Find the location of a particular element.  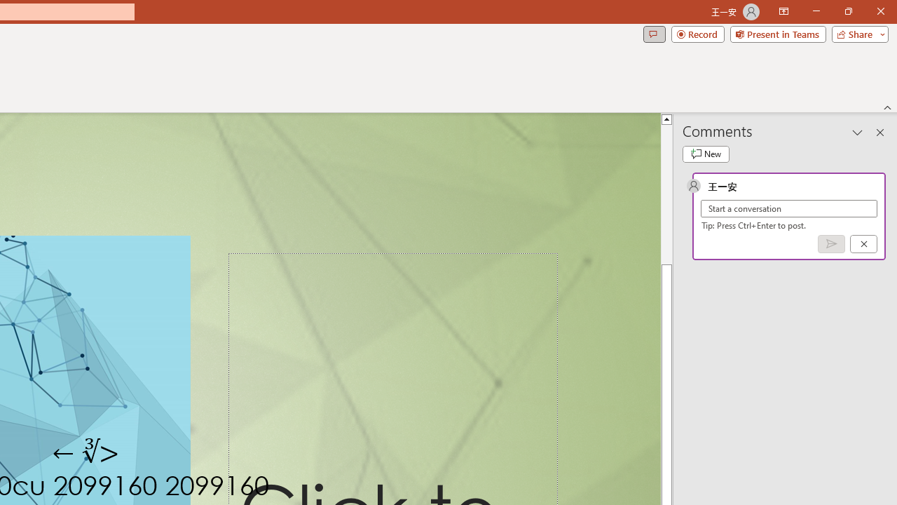

'New comment' is located at coordinates (706, 154).